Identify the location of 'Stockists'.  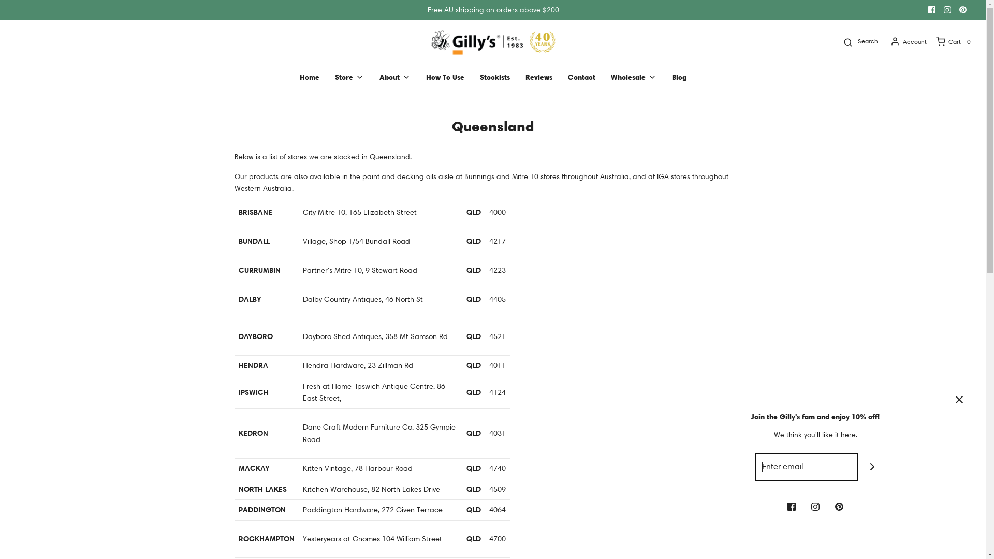
(494, 77).